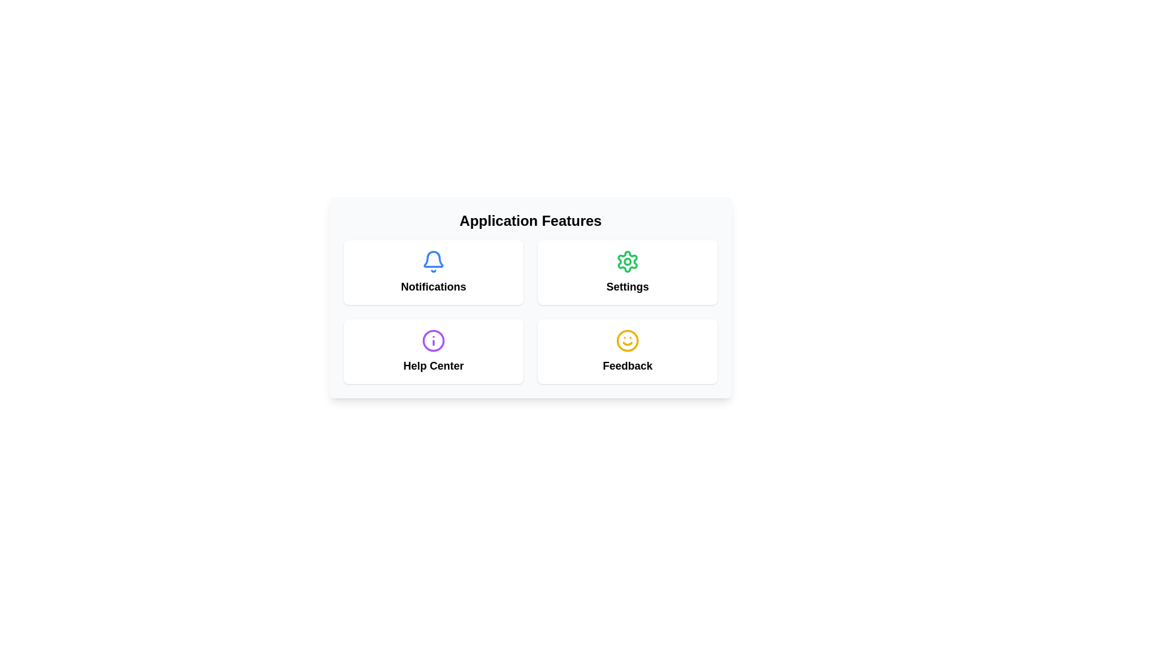 This screenshot has width=1150, height=647. Describe the element at coordinates (433, 261) in the screenshot. I see `the blue outlined bell-shaped icon that represents notifications, located above the text 'Notifications' in the top-left section of the grid under 'Application Features'` at that location.